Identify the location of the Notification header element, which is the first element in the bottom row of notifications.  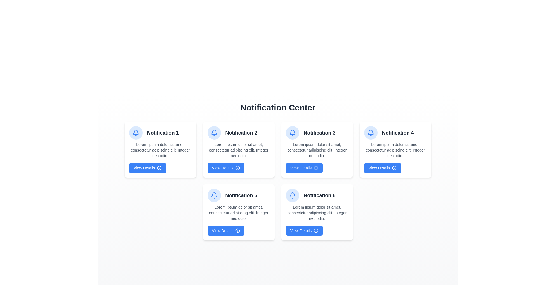
(239, 195).